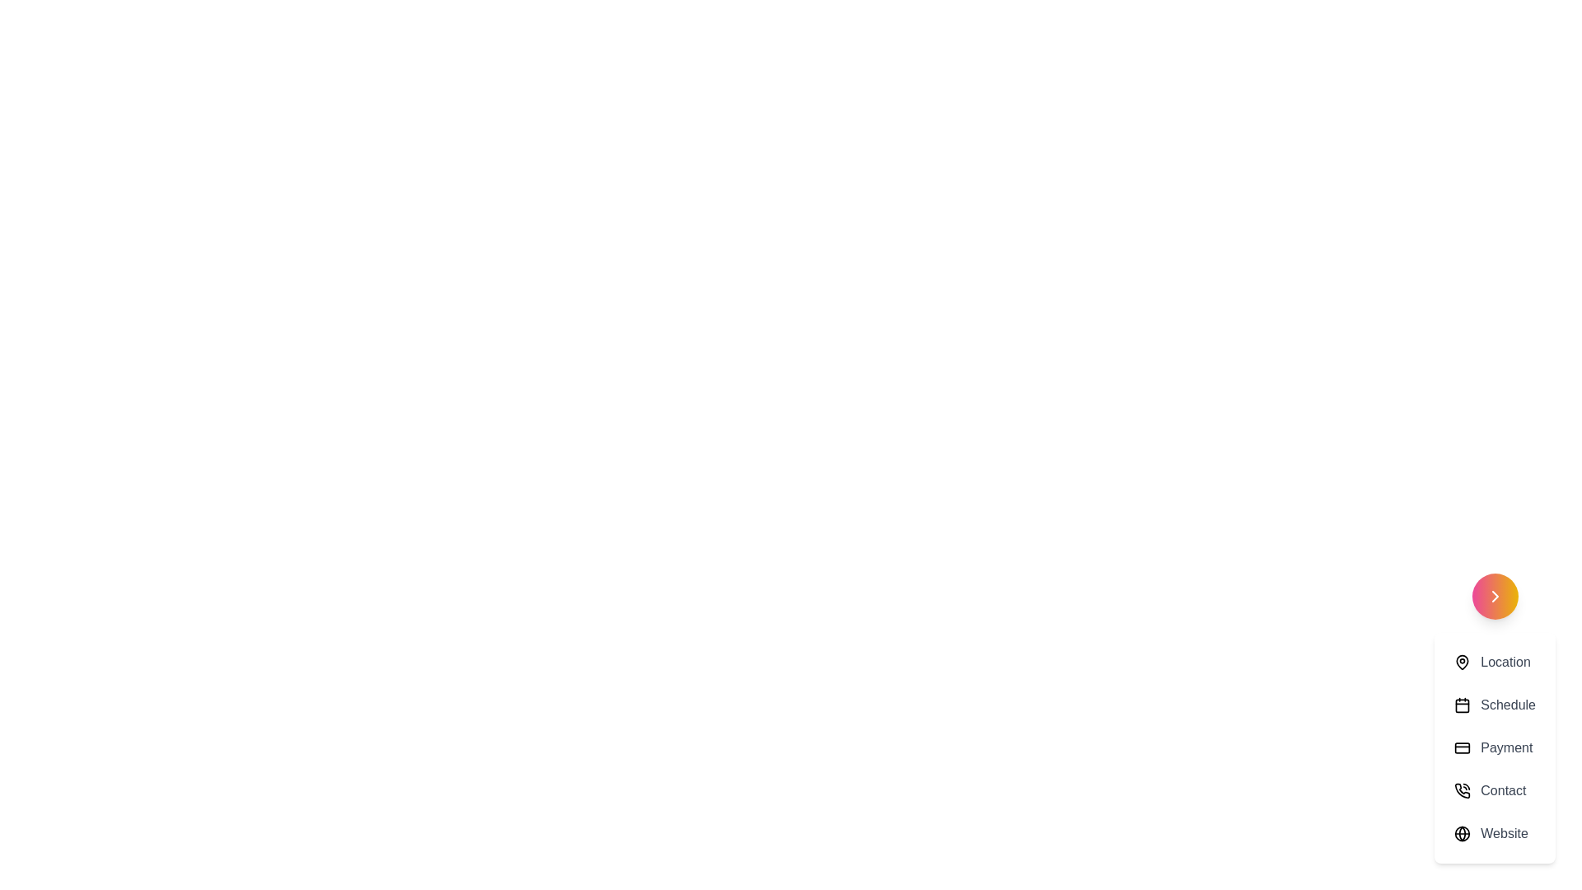 The width and height of the screenshot is (1582, 890). What do you see at coordinates (1495, 747) in the screenshot?
I see `the menu option Payment` at bounding box center [1495, 747].